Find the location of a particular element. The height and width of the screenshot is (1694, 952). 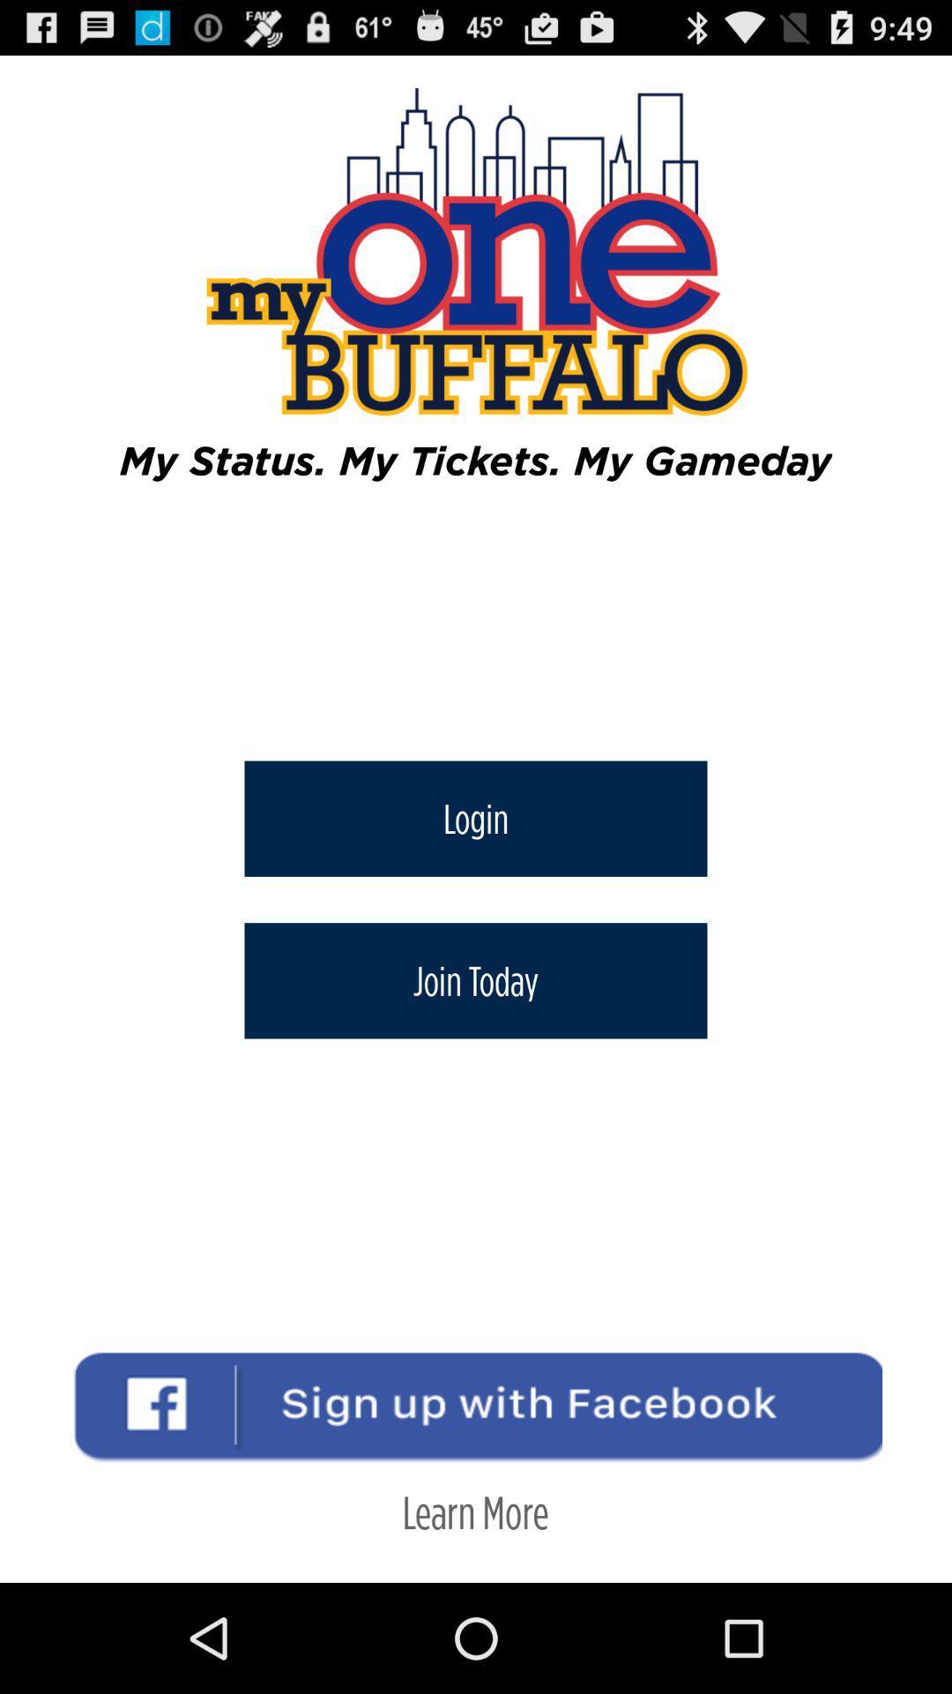

the learn more item is located at coordinates (474, 1510).